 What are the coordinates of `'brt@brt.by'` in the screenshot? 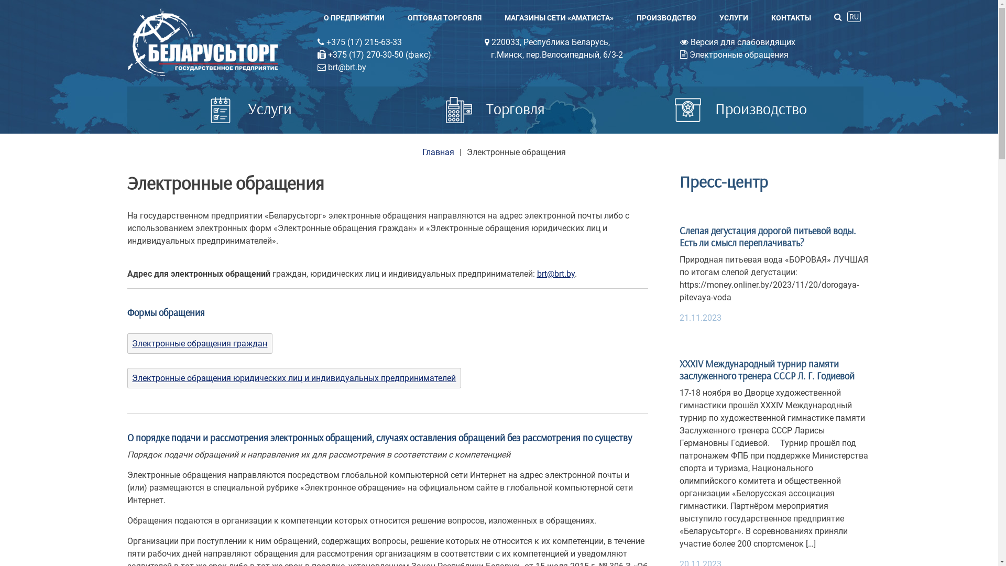 It's located at (555, 273).